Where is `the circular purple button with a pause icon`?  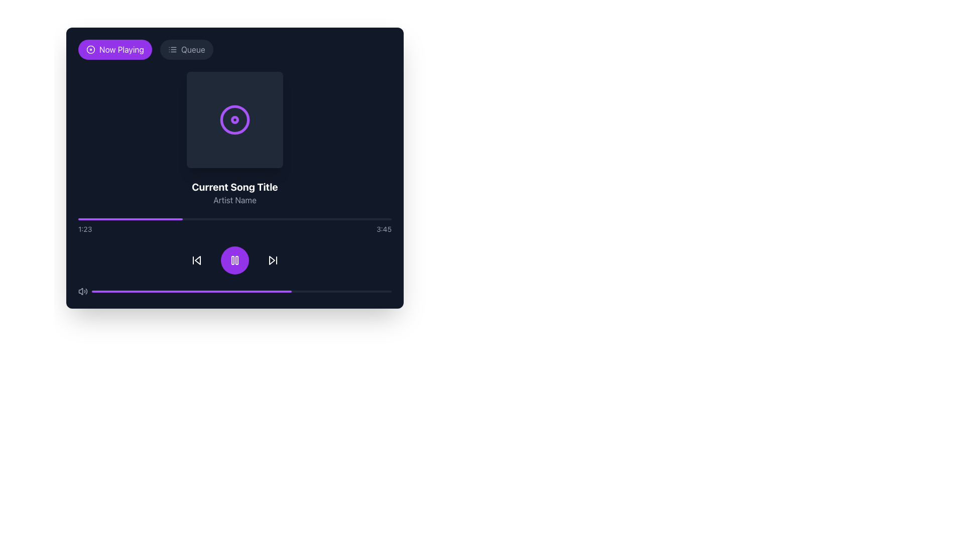 the circular purple button with a pause icon is located at coordinates (234, 260).